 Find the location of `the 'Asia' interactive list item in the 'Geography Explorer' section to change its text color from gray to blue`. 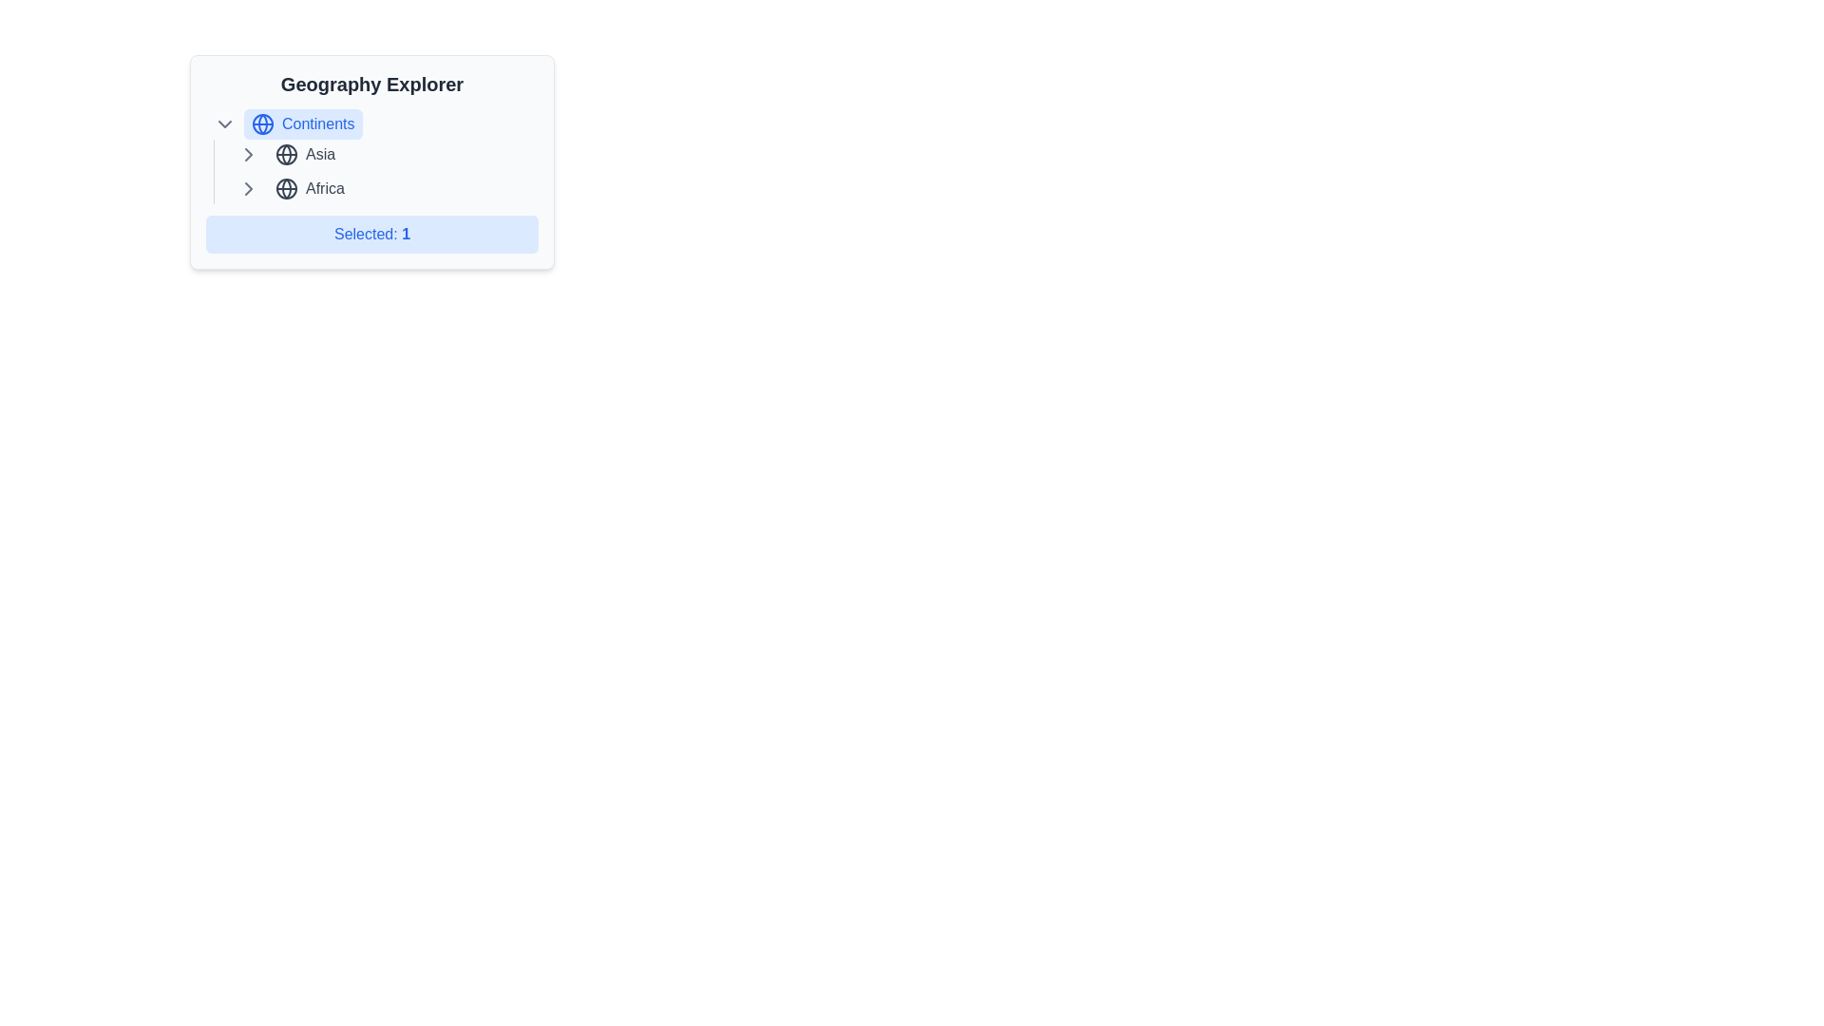

the 'Asia' interactive list item in the 'Geography Explorer' section to change its text color from gray to blue is located at coordinates (305, 153).